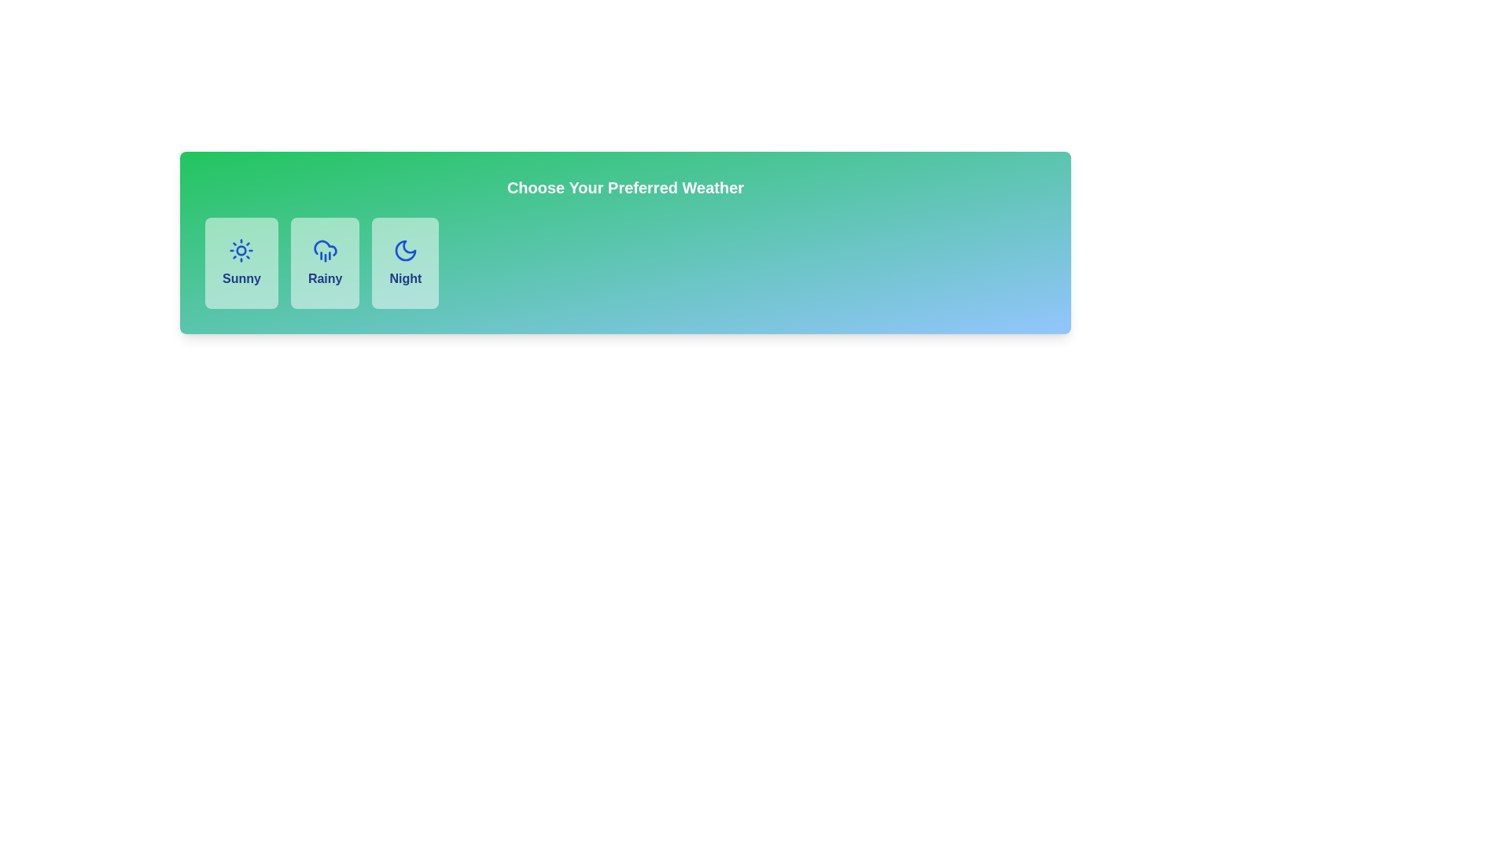 The width and height of the screenshot is (1510, 849). What do you see at coordinates (324, 250) in the screenshot?
I see `the 'Rainy' weather icon located in the center of the second card in a row of three weather options` at bounding box center [324, 250].